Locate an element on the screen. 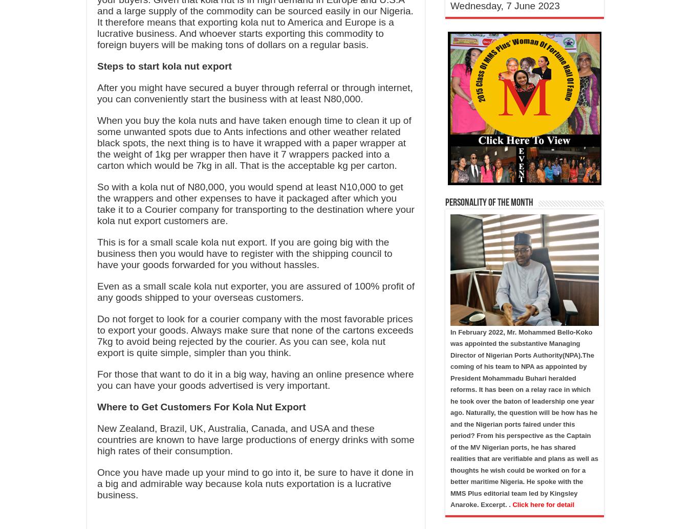  'Steps to start kola nut export' is located at coordinates (164, 66).